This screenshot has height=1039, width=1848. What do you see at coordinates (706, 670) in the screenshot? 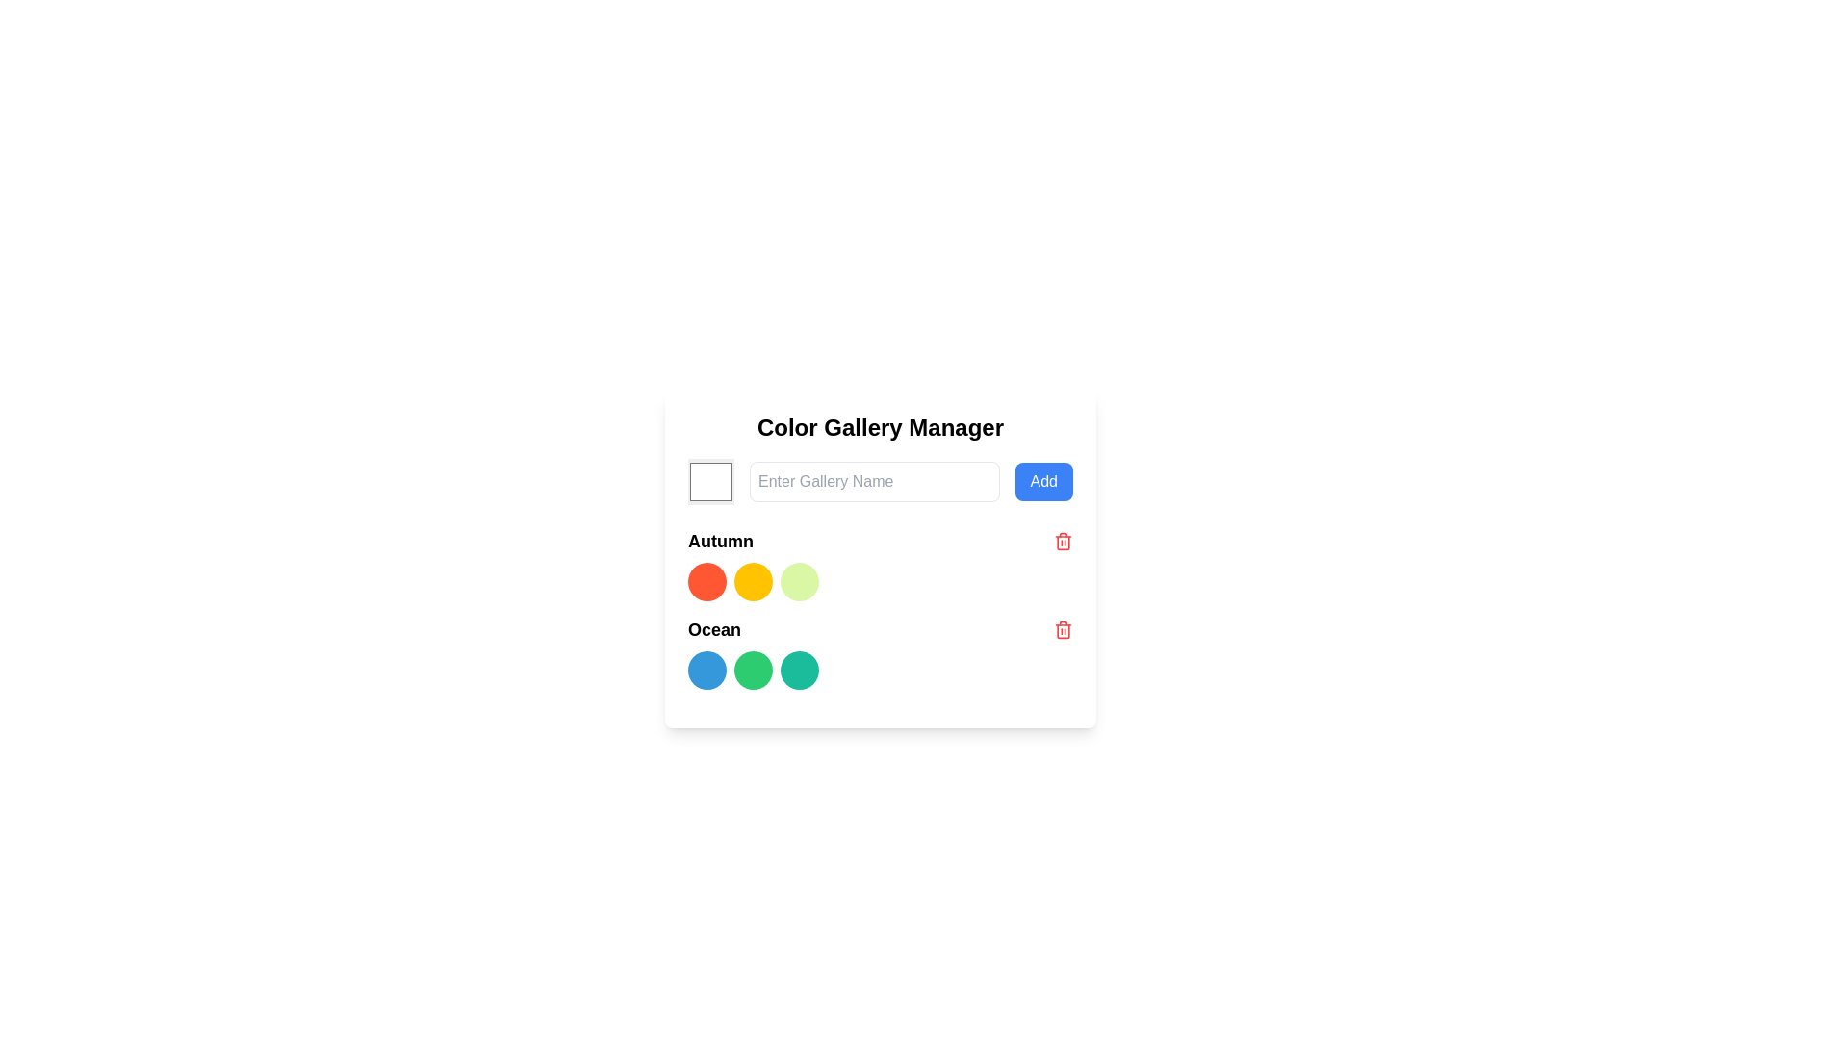
I see `the first circular button or color indicator in the Ocean section, which serves as a color selector` at bounding box center [706, 670].